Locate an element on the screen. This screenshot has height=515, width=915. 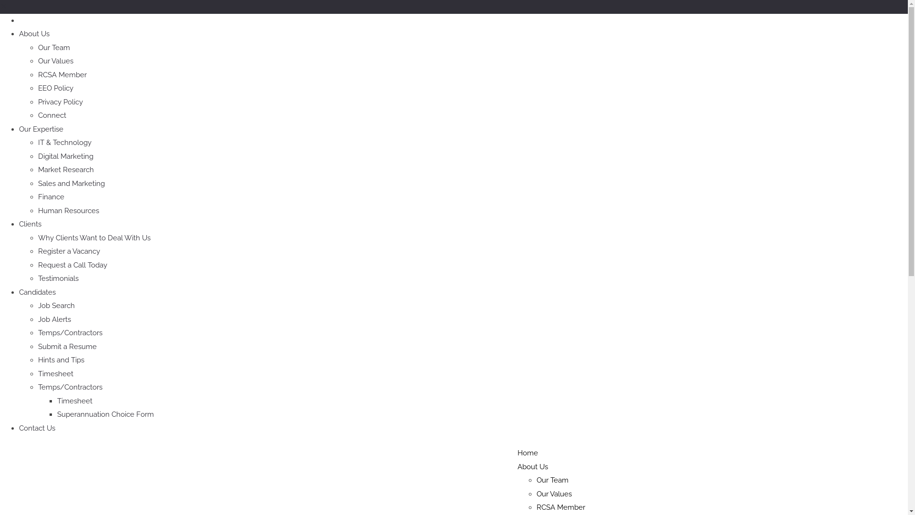
'Clients' is located at coordinates (19, 224).